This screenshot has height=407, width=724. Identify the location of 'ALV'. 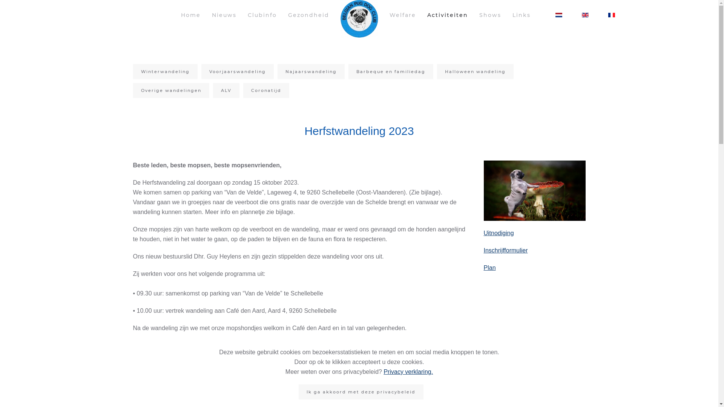
(225, 90).